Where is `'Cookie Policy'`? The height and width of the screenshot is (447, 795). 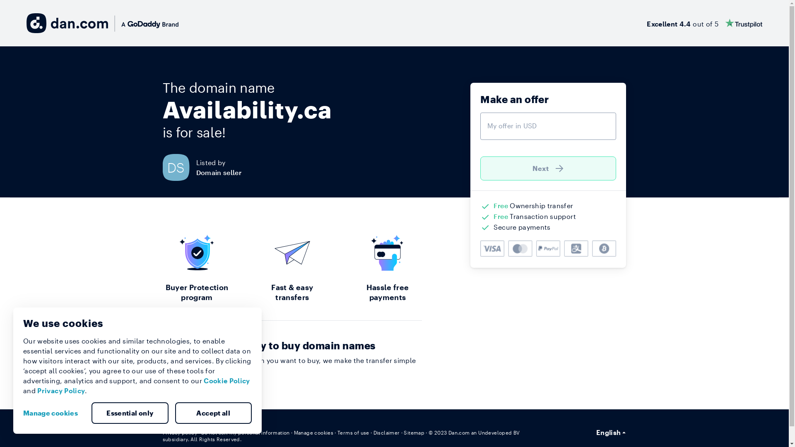
'Cookie Policy' is located at coordinates (226, 380).